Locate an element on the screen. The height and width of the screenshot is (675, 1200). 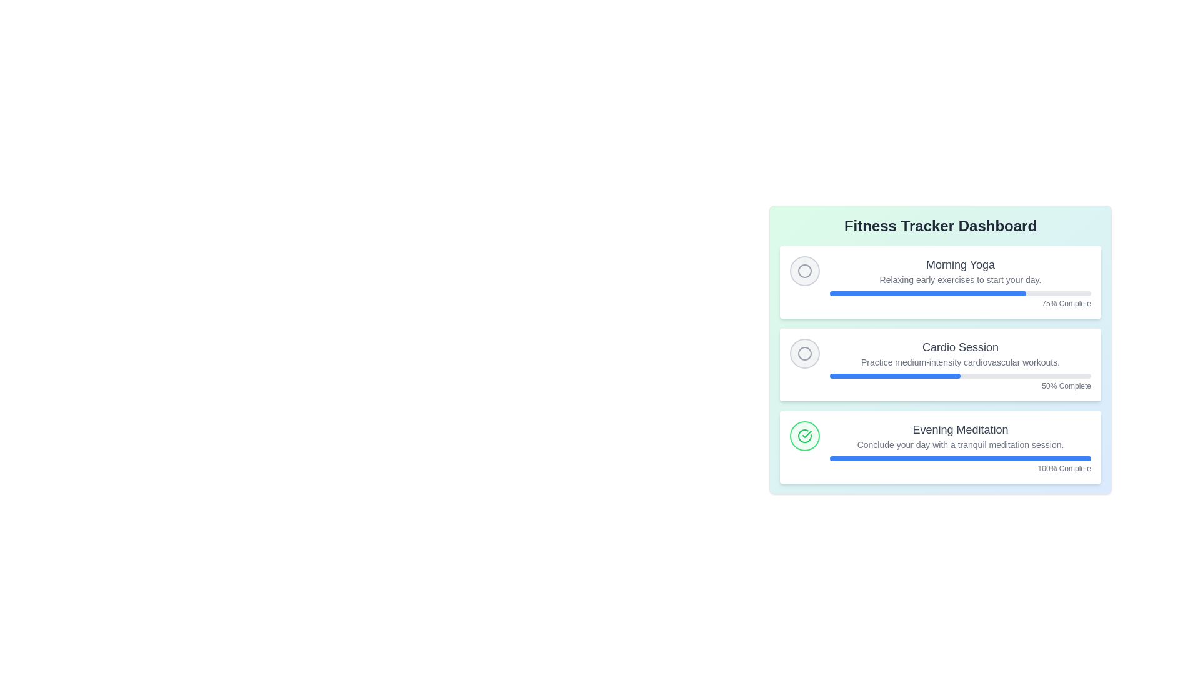
the green checkmark icon located in the lower-right section of the 'Evening Meditation' progress card on the dashboard is located at coordinates (807, 433).